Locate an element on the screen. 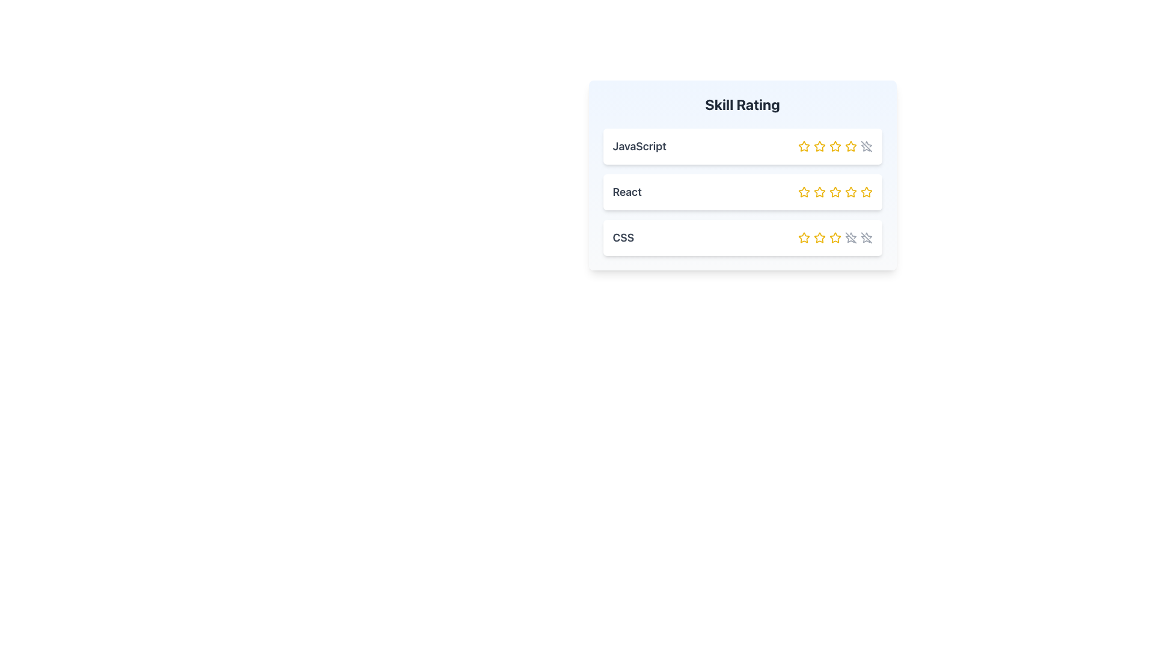  the second interactive star in the 'Skill Rating' card for 'React' is located at coordinates (819, 192).